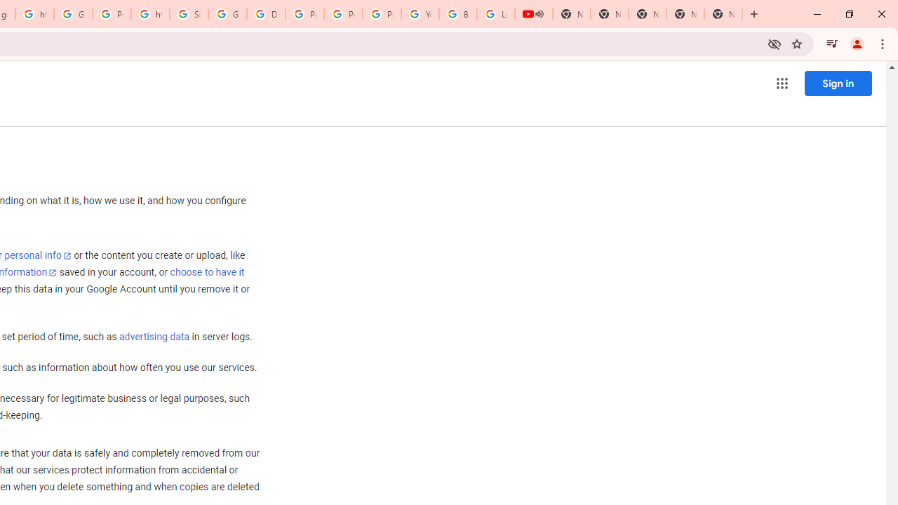 This screenshot has width=898, height=505. What do you see at coordinates (188, 14) in the screenshot?
I see `'Sign in - Google Accounts'` at bounding box center [188, 14].